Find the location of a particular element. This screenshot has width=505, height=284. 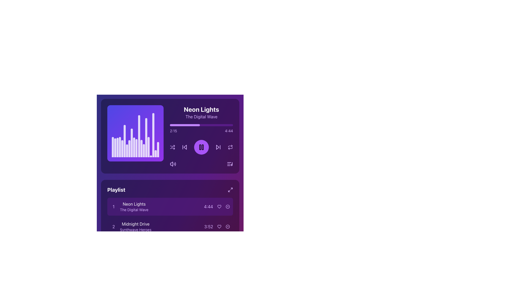

the ninth vertical bar in the audio visualization area, which represents audio level dynamics is located at coordinates (132, 143).